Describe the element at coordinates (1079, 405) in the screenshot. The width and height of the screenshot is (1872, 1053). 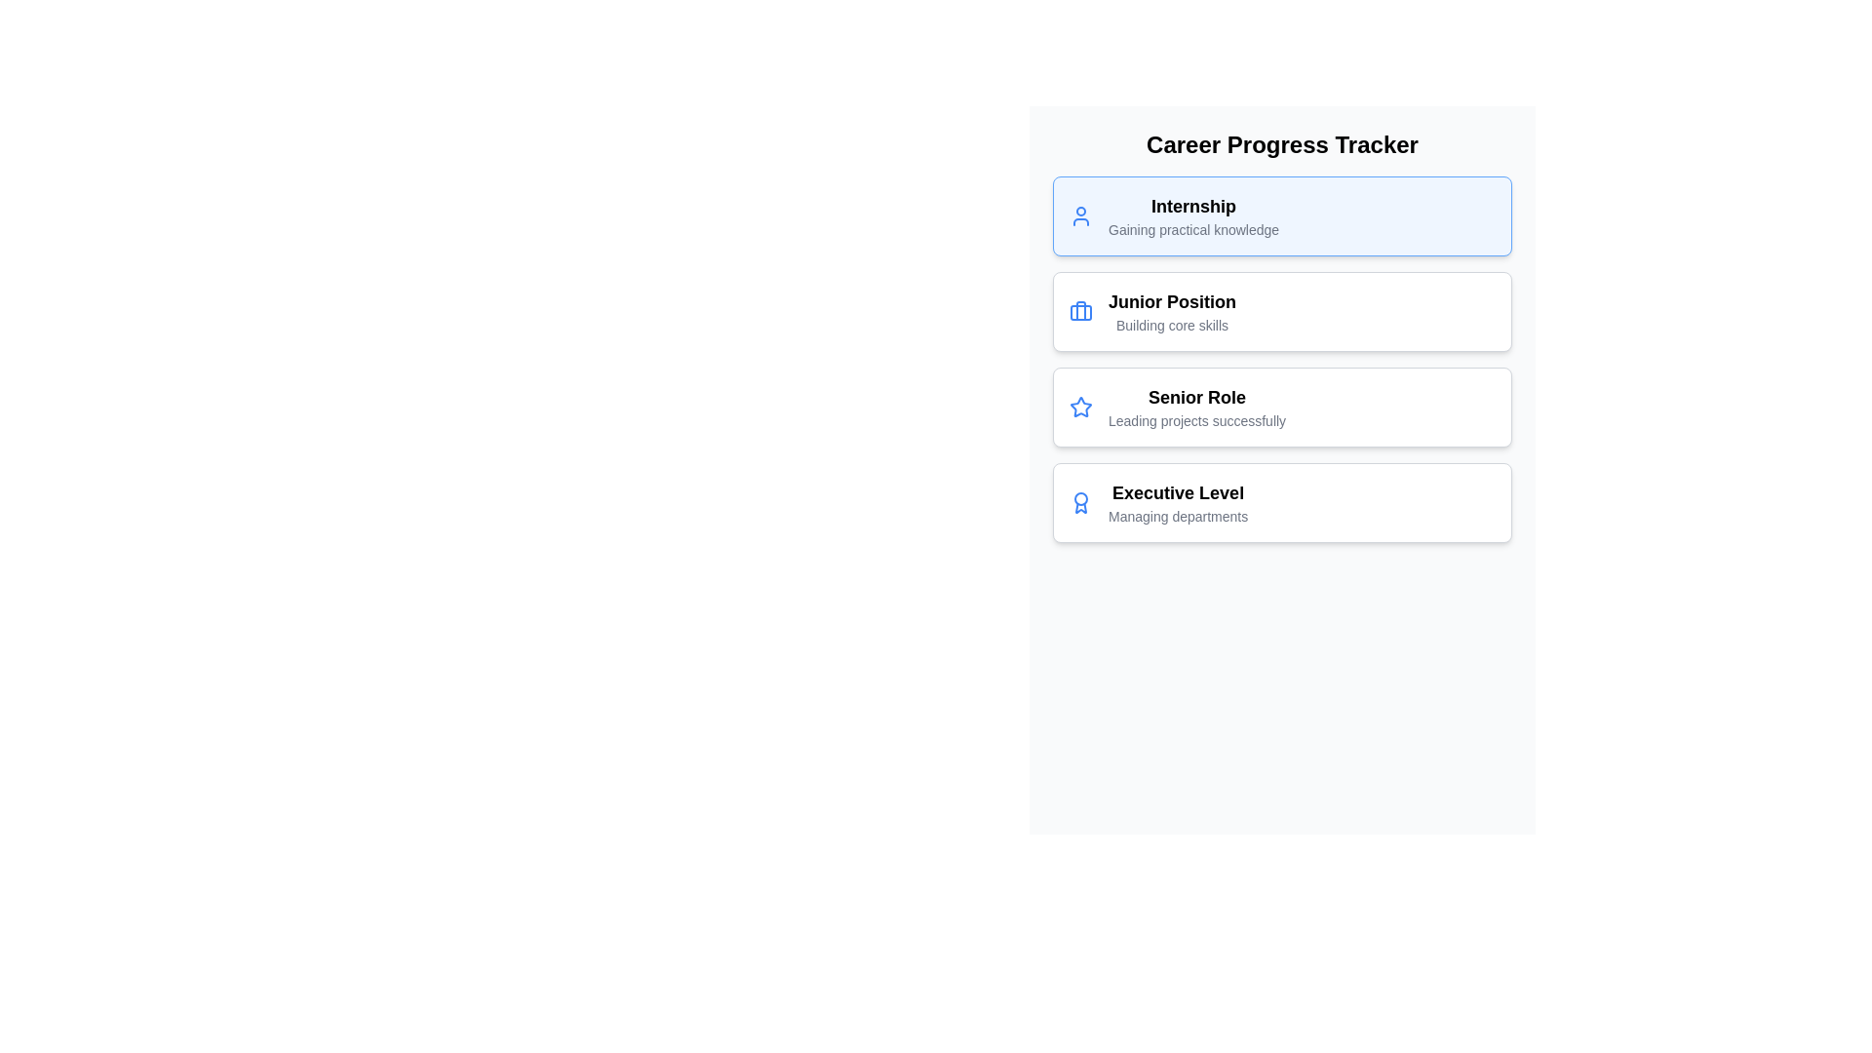
I see `blue-bordered, five-pointed star-shaped icon with a white fill located near the left edge of the 'Senior Role' item in the 'Career Progress Tracker' interface for development purposes` at that location.